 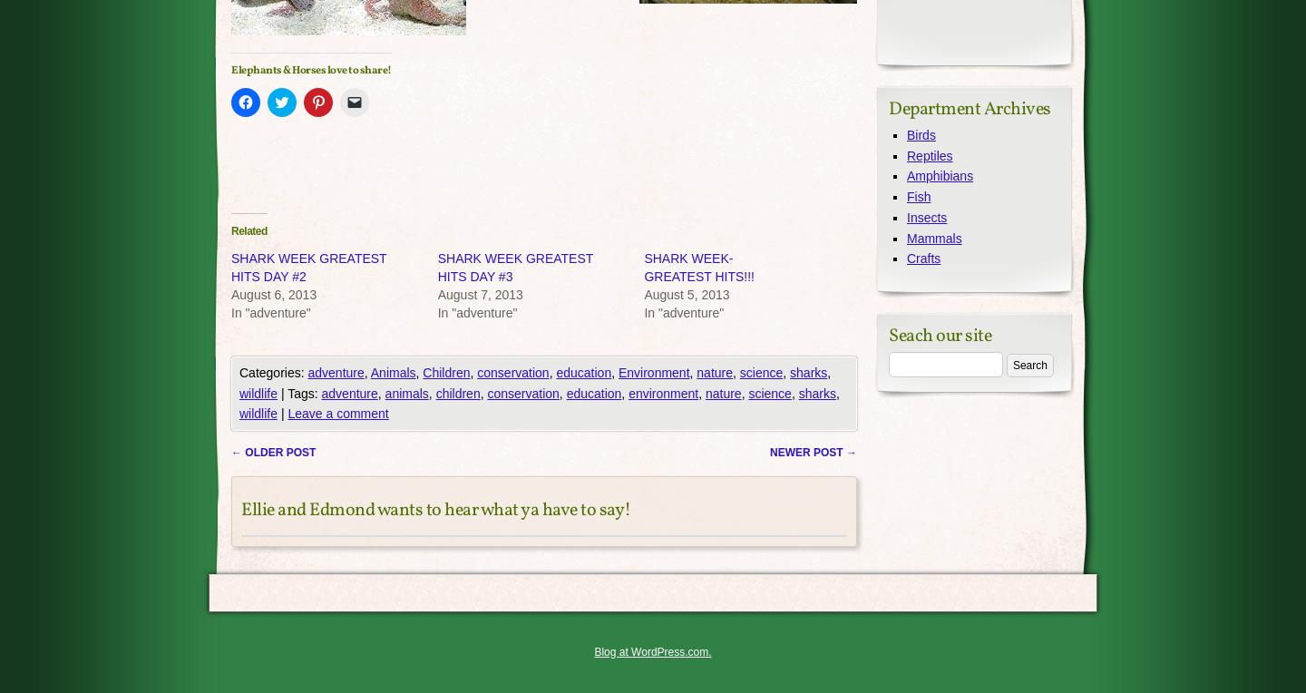 What do you see at coordinates (336, 414) in the screenshot?
I see `'Leave a comment'` at bounding box center [336, 414].